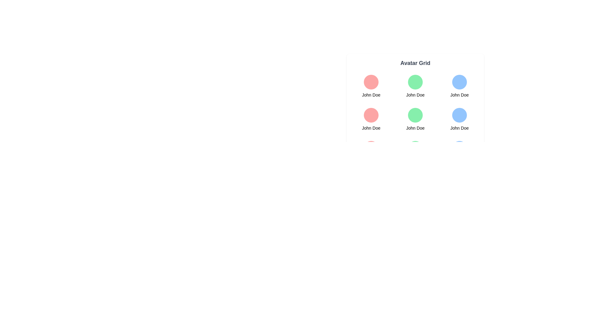 The height and width of the screenshot is (331, 589). I want to click on the circular red avatar of 'John Doe', so click(371, 119).